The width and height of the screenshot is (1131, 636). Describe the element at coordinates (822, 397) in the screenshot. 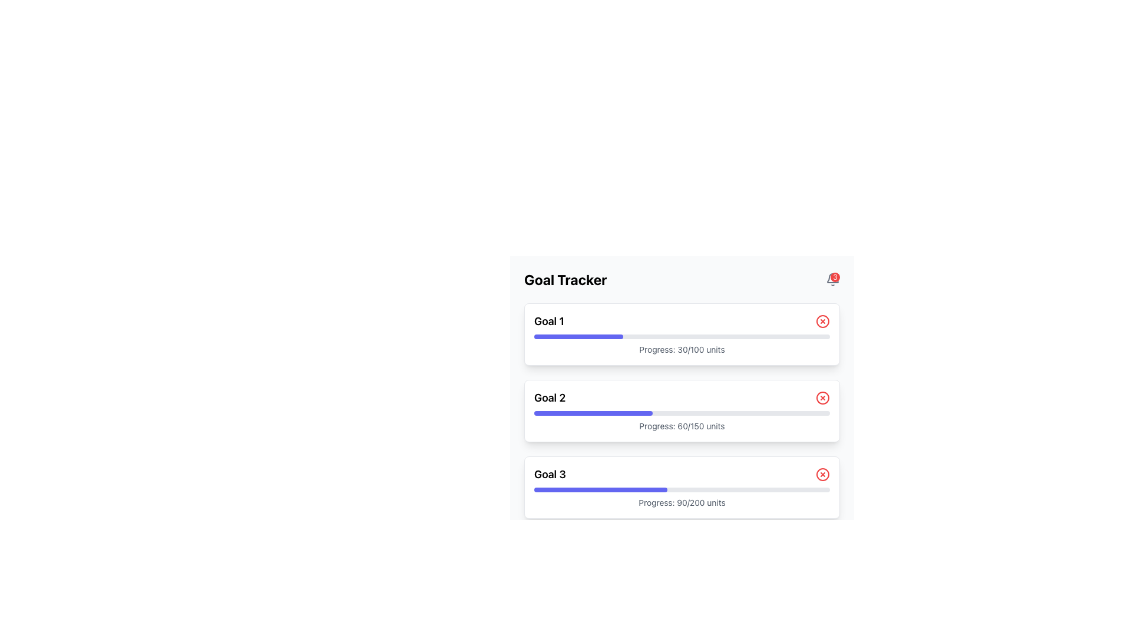

I see `the remove button associated with the 'Goal 2' entry` at that location.